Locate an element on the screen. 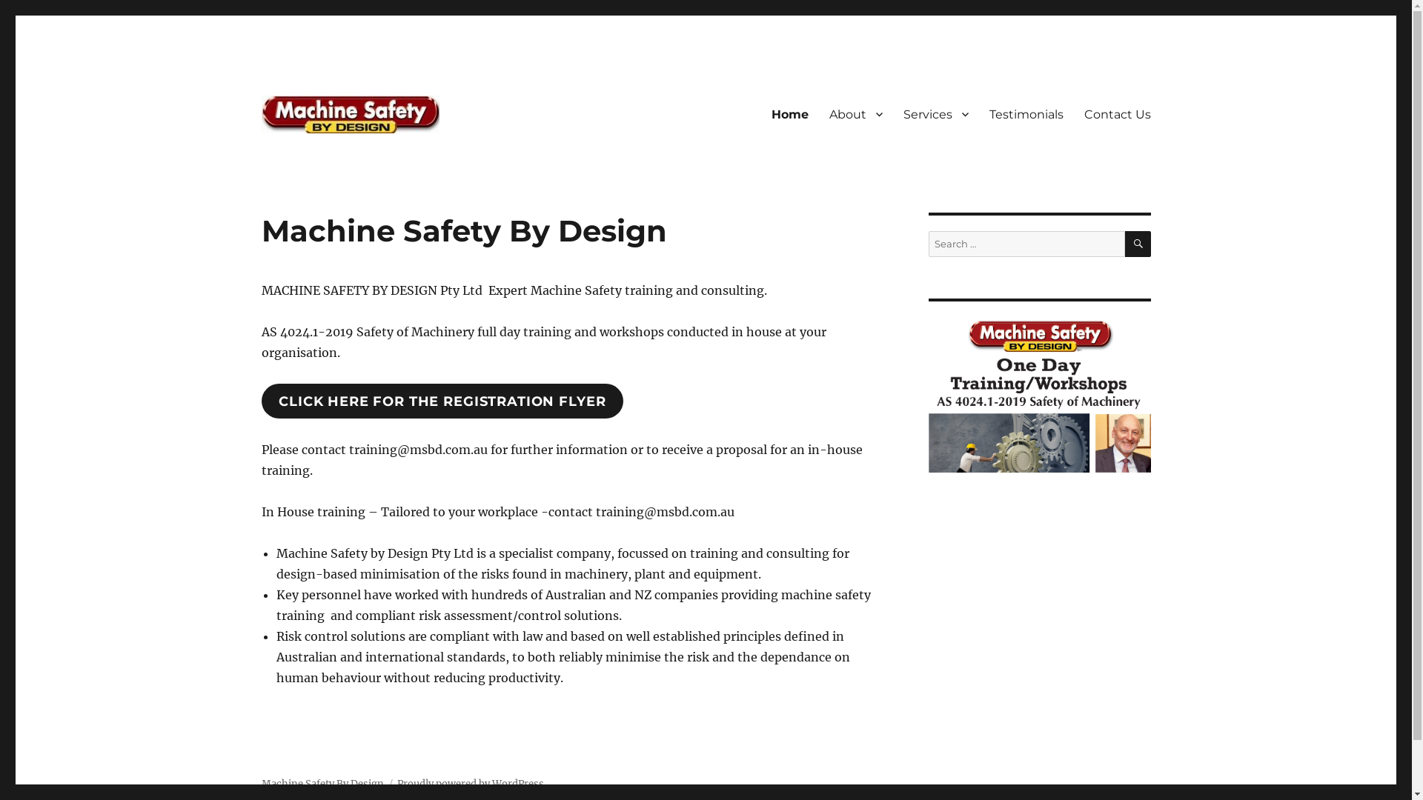  'SEARCH' is located at coordinates (1124, 243).